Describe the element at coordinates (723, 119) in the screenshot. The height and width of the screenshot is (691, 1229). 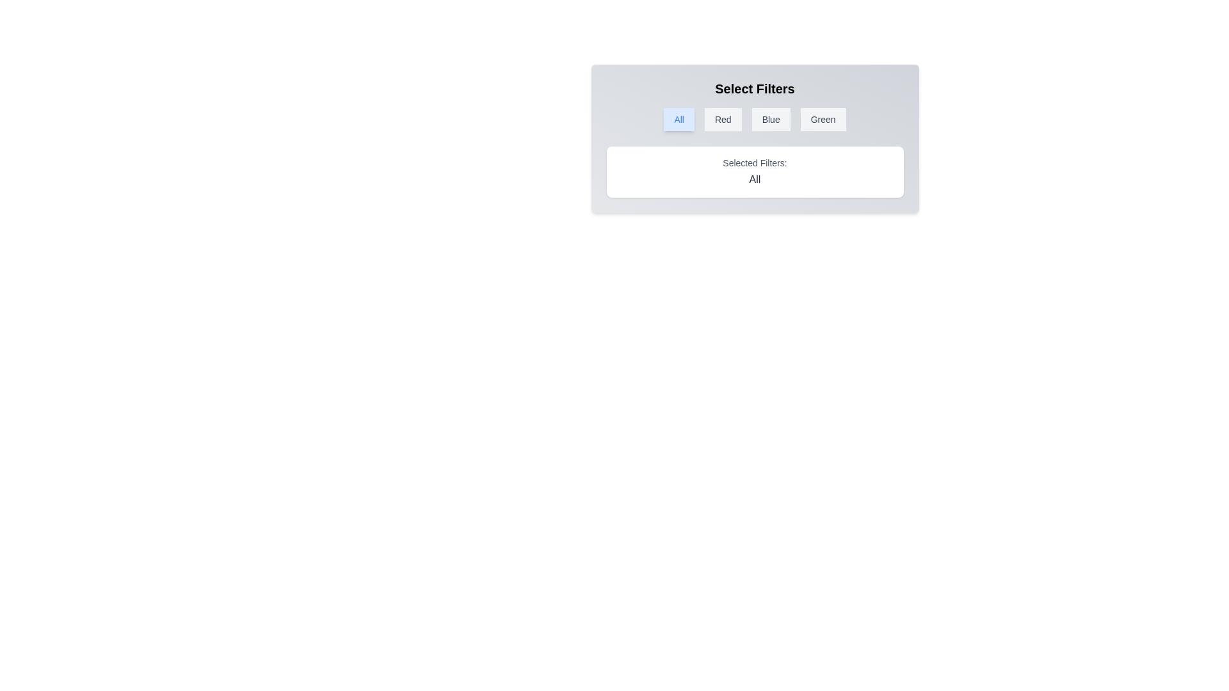
I see `the filter button Red` at that location.